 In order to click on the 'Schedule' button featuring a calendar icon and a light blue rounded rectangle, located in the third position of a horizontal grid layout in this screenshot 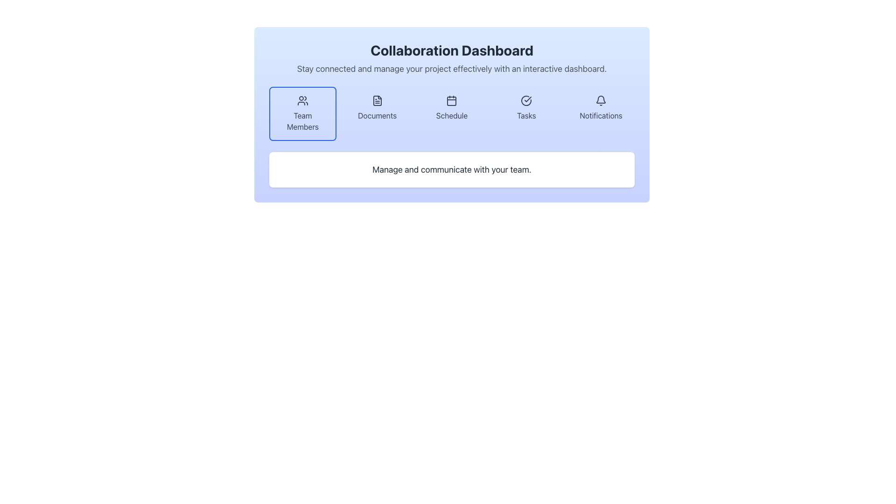, I will do `click(452, 113)`.